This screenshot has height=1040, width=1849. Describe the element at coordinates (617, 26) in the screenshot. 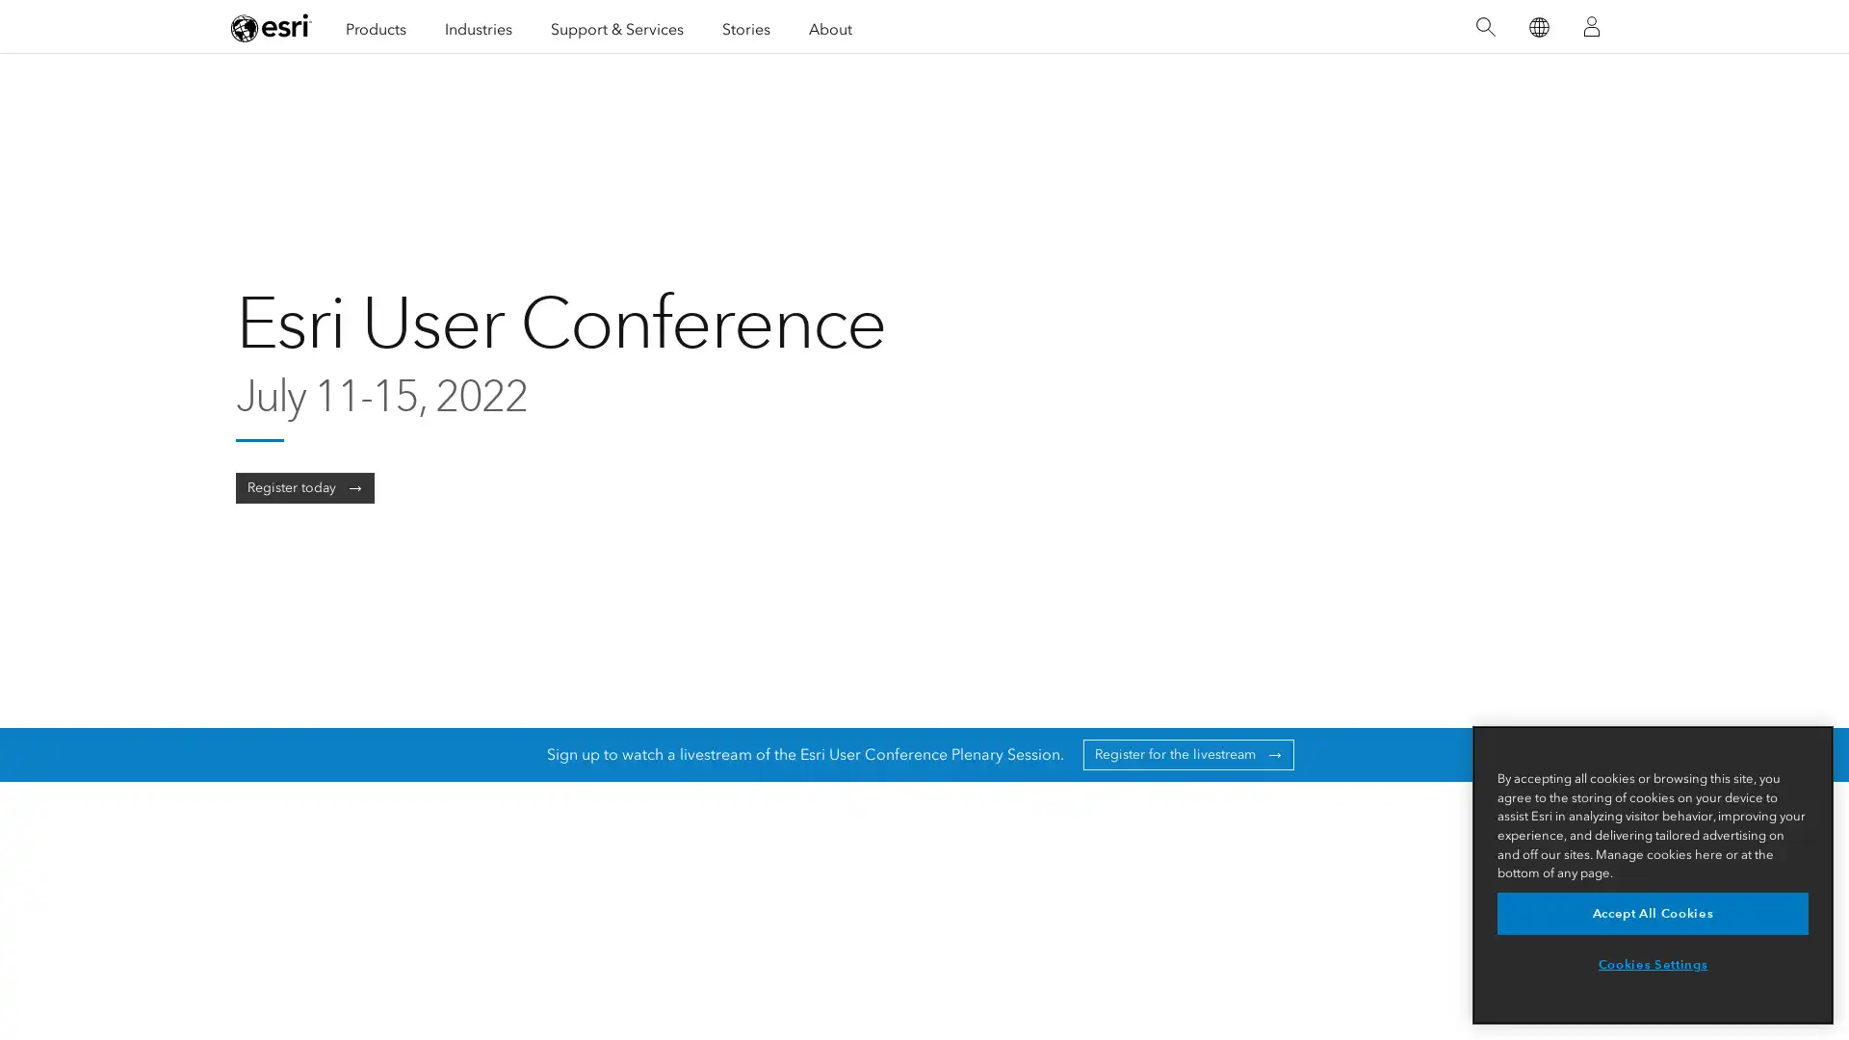

I see `Support & Services` at that location.